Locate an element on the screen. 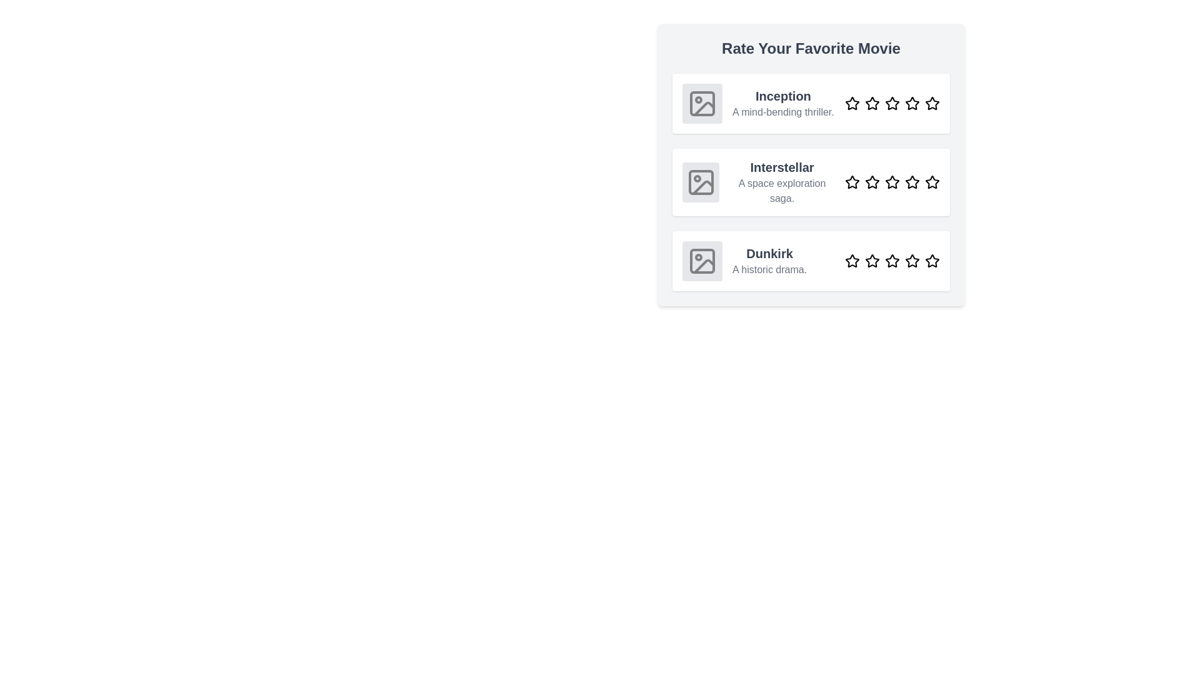 The image size is (1200, 675). the third star icon in the rating system for the 'Interstellar' movie is located at coordinates (892, 182).